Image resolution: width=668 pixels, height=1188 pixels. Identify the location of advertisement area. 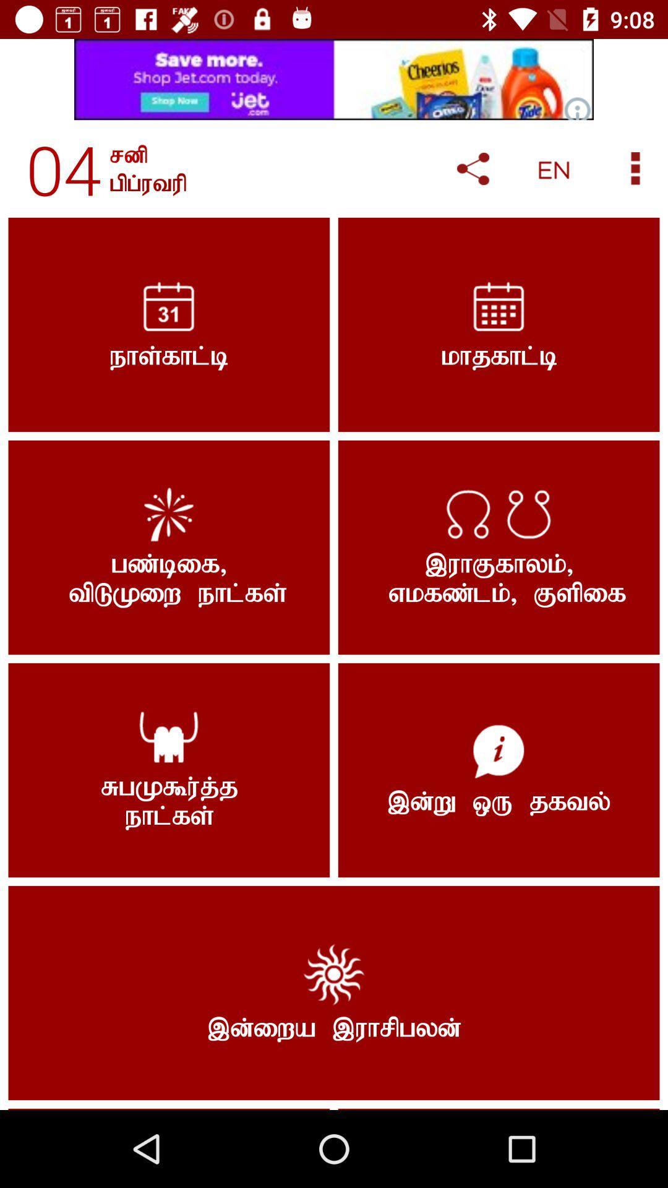
(334, 79).